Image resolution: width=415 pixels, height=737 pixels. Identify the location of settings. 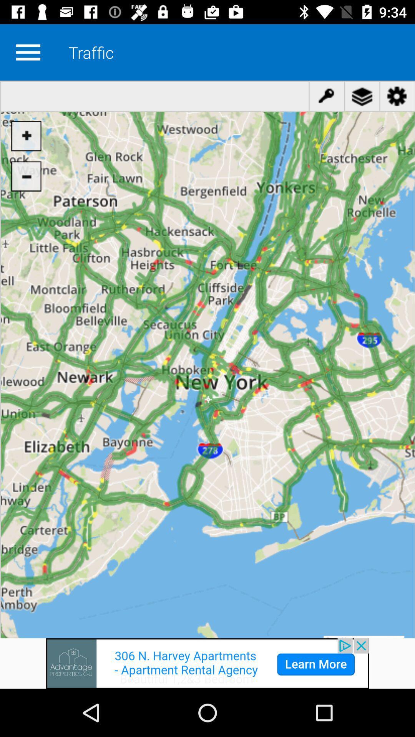
(28, 52).